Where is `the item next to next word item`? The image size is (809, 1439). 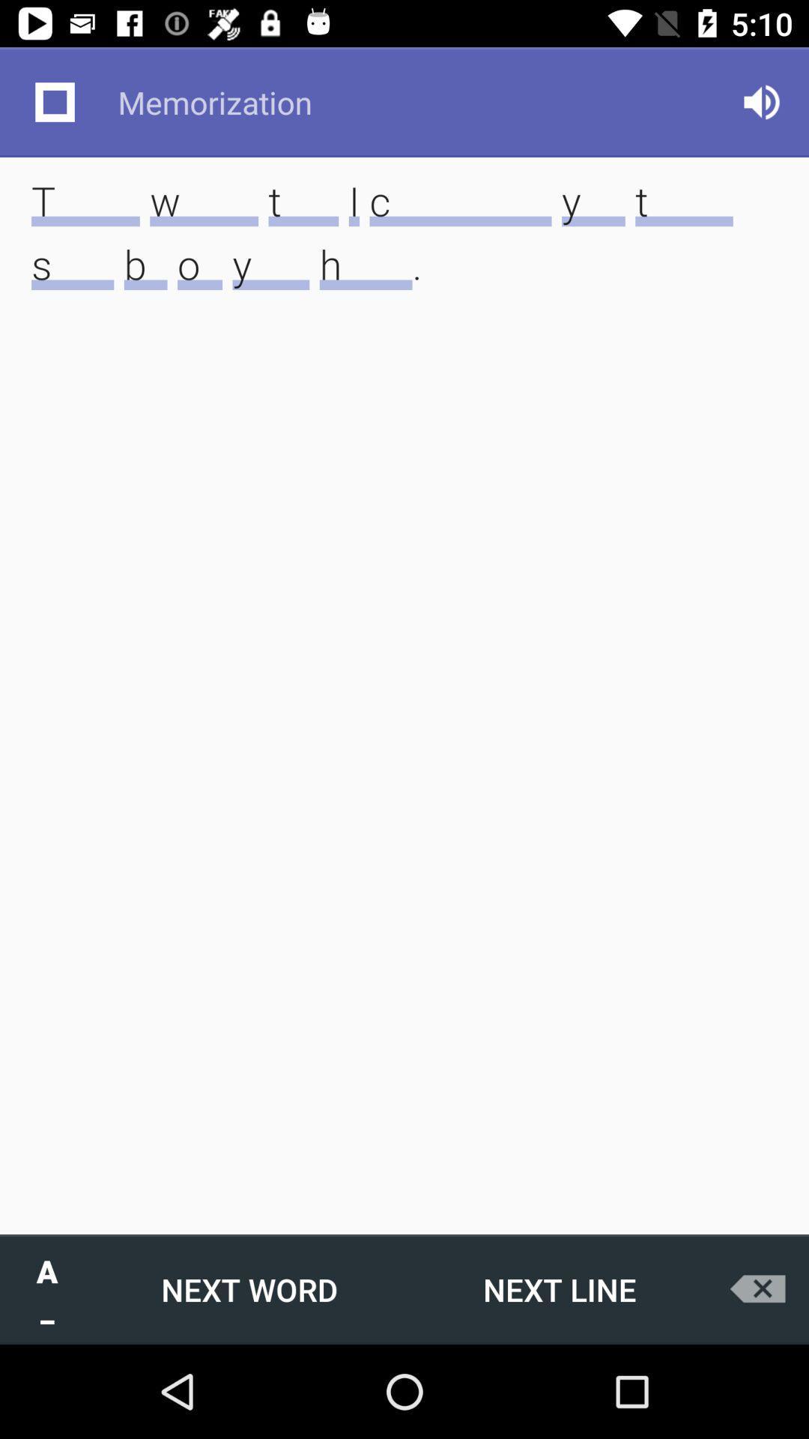 the item next to next word item is located at coordinates (560, 1288).